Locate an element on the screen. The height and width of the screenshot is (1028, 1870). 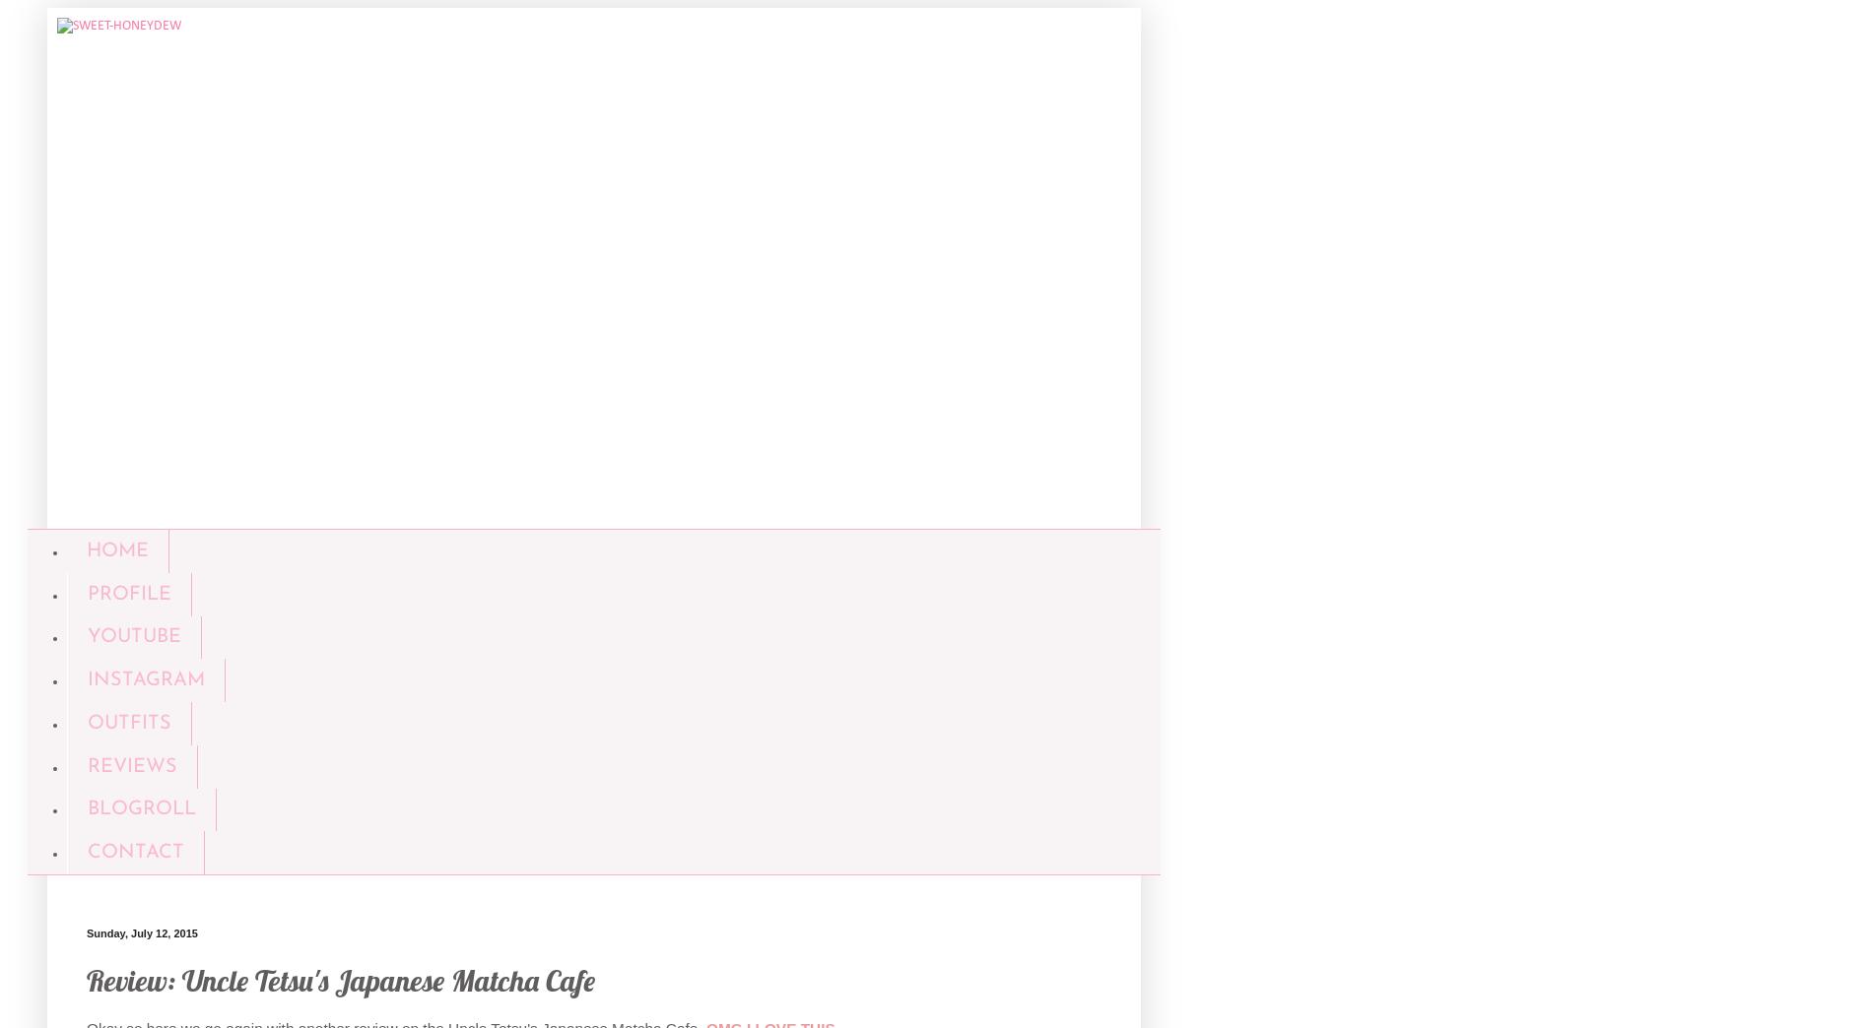
'HOME' is located at coordinates (116, 548).